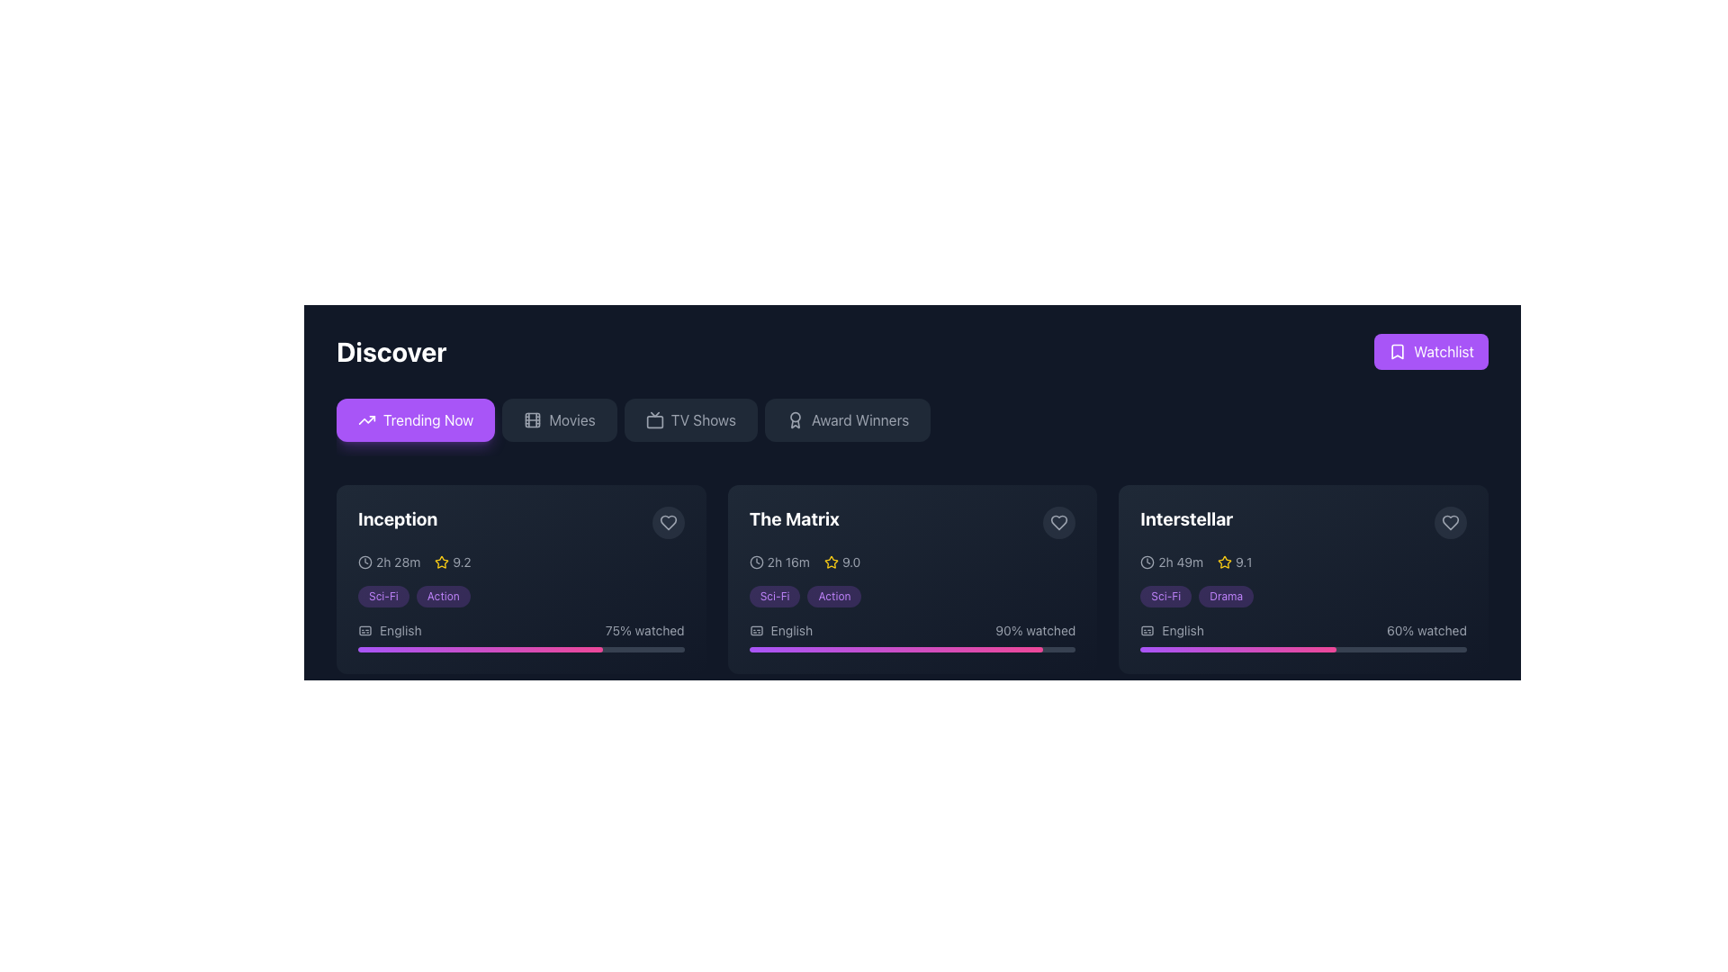 Image resolution: width=1728 pixels, height=972 pixels. What do you see at coordinates (1318, 649) in the screenshot?
I see `watched progress` at bounding box center [1318, 649].